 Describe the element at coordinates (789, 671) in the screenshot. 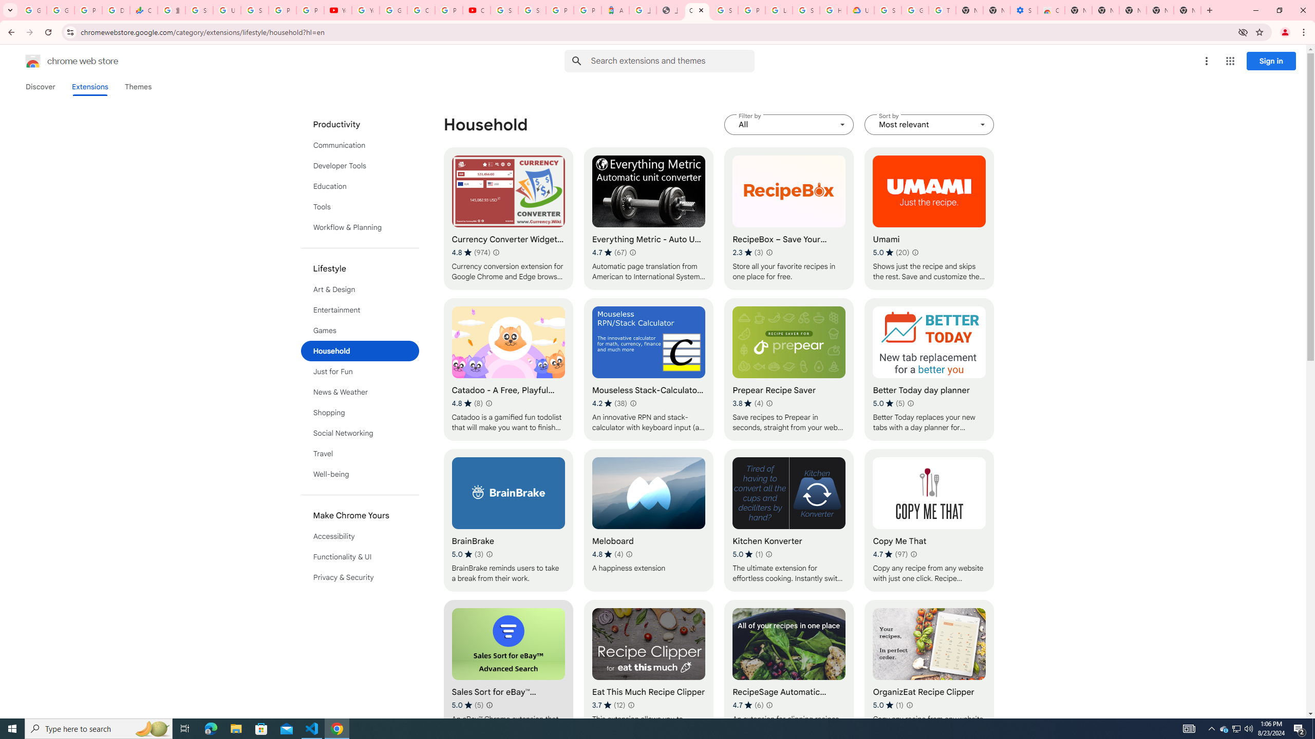

I see `'RecipeSage Automatic Recipe Clipper'` at that location.